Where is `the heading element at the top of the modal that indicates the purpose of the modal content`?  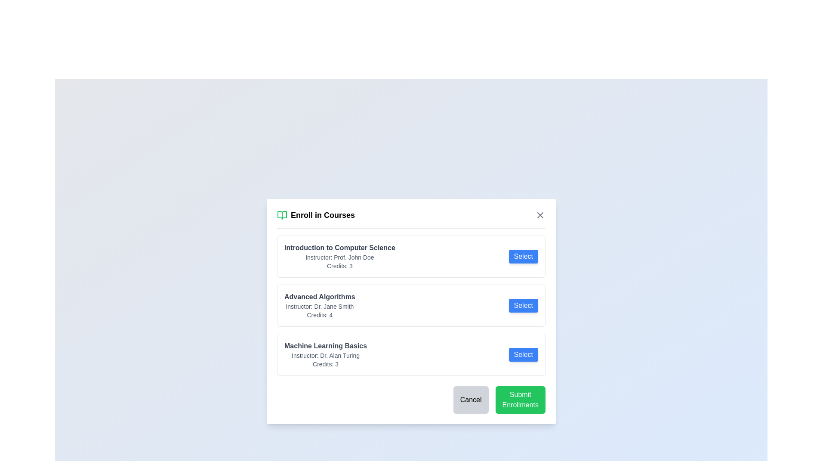
the heading element at the top of the modal that indicates the purpose of the modal content is located at coordinates (315, 214).